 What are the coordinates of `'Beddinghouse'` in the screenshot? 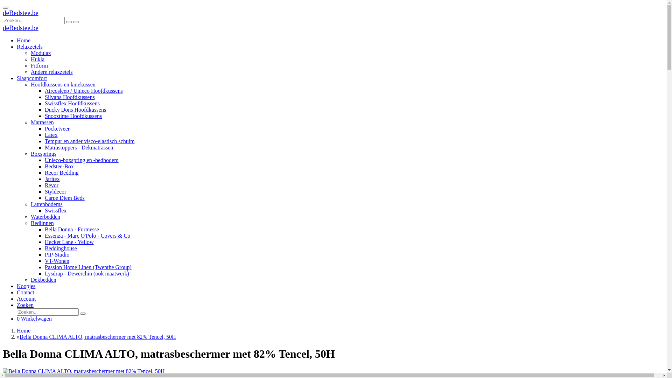 It's located at (61, 248).